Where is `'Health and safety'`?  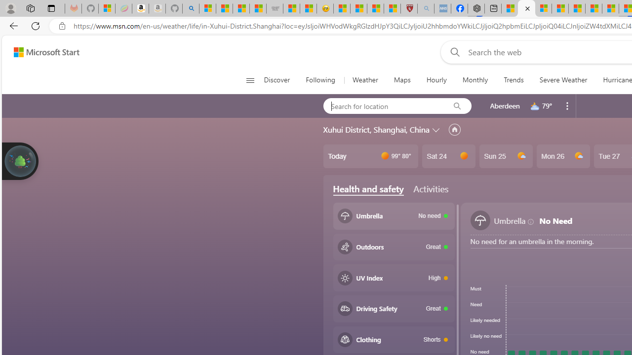 'Health and safety' is located at coordinates (368, 189).